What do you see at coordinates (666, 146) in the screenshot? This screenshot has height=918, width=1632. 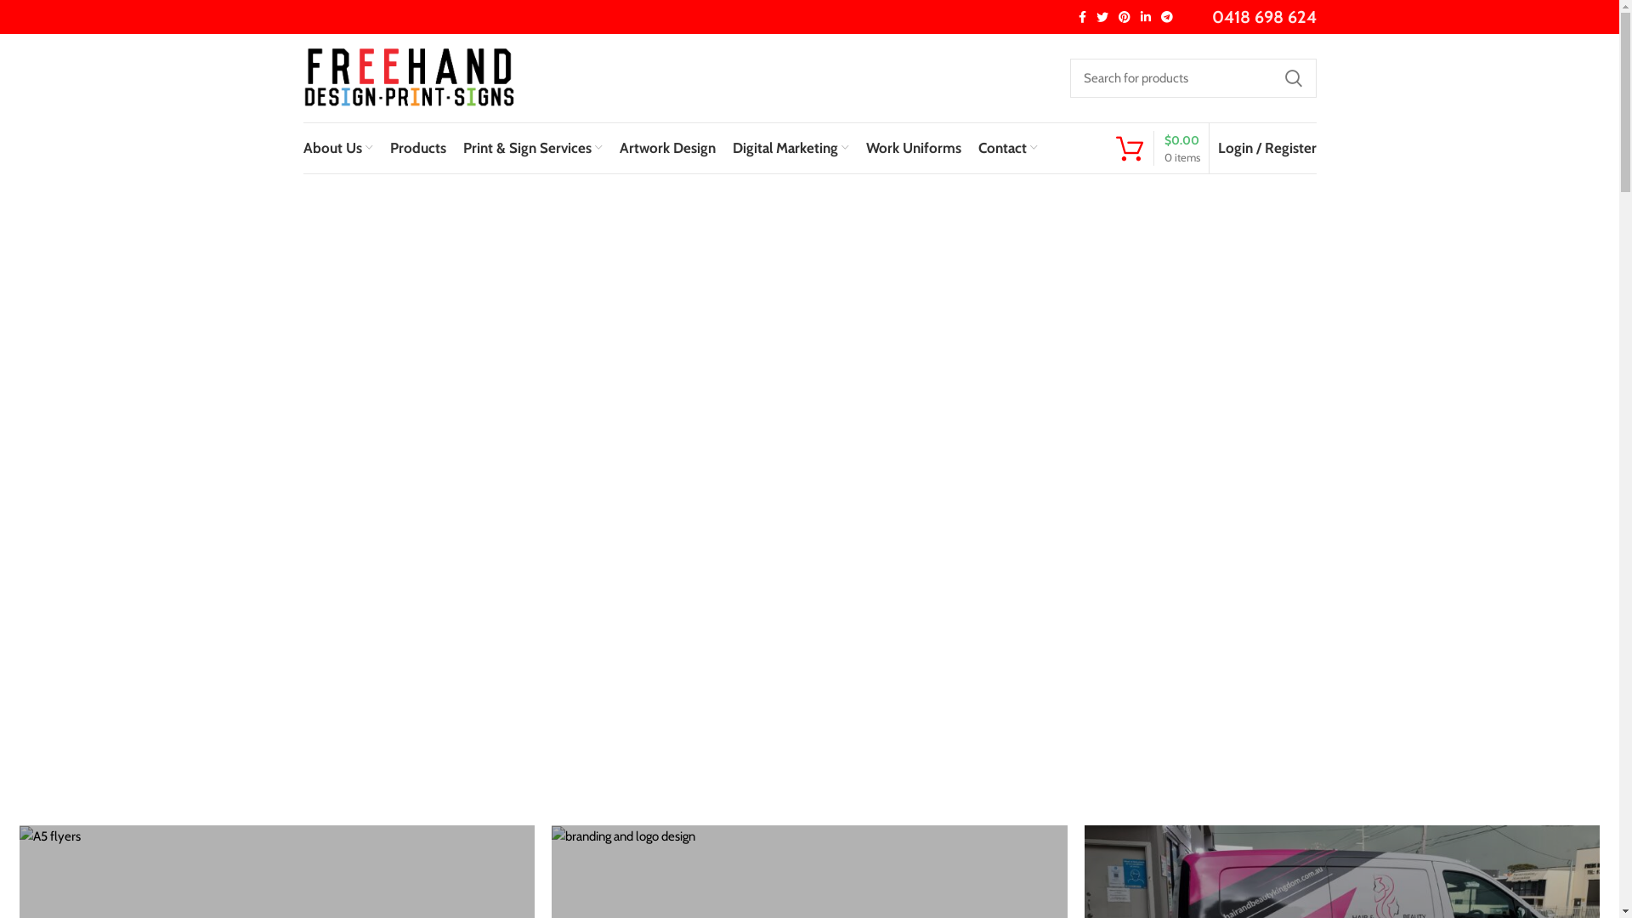 I see `'Artwork Design'` at bounding box center [666, 146].